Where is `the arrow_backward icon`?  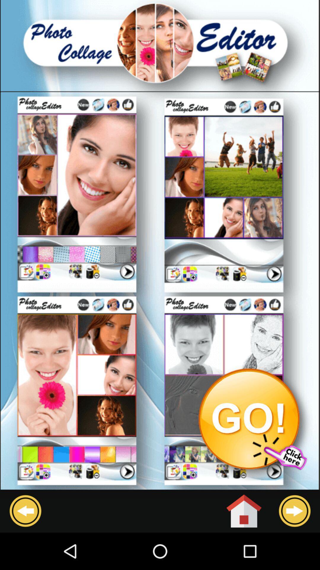
the arrow_backward icon is located at coordinates (25, 547).